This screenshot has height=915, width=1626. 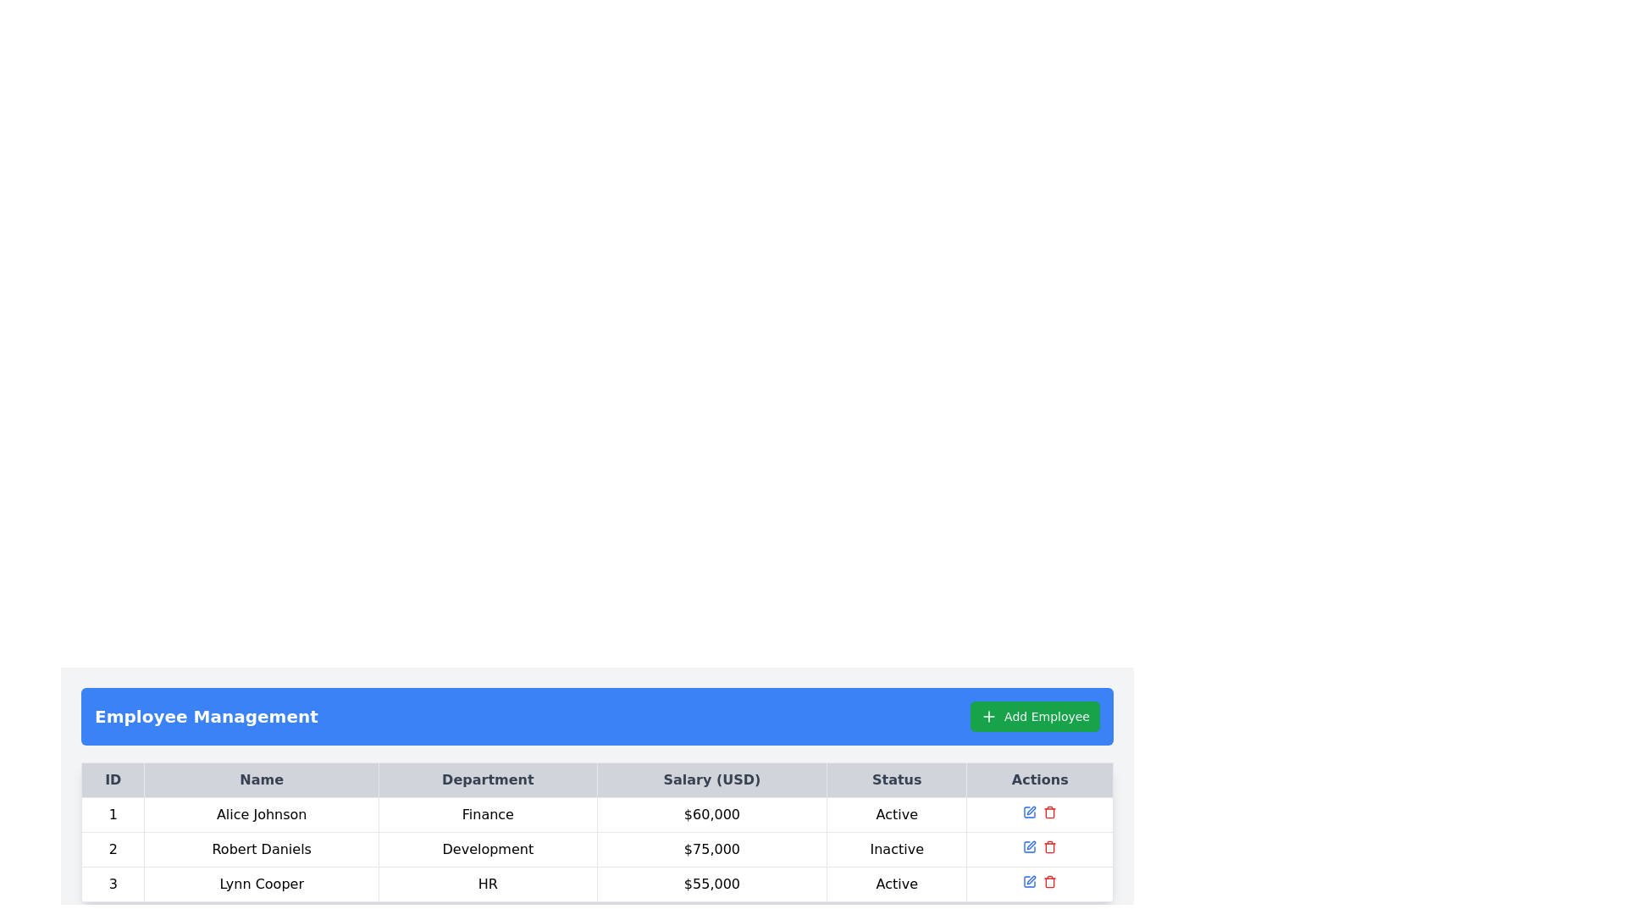 What do you see at coordinates (896, 884) in the screenshot?
I see `the text box displaying 'Active' in the 'Status' column of the third row in the table layout` at bounding box center [896, 884].